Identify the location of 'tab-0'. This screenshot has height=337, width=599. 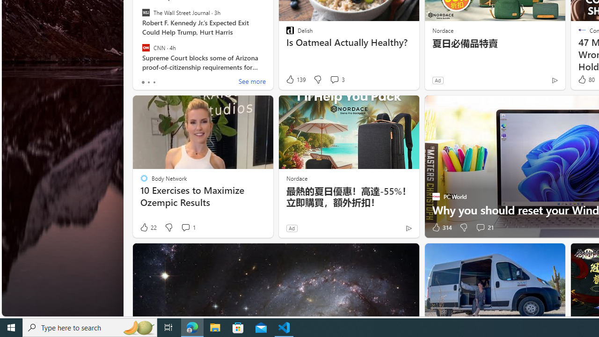
(142, 82).